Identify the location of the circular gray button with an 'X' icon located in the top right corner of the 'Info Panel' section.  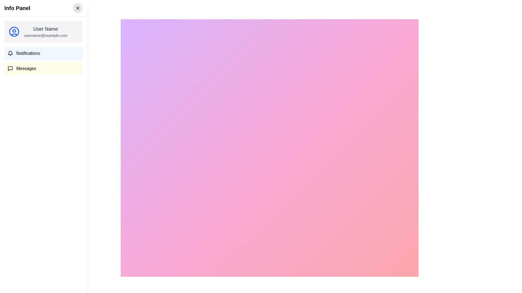
(77, 8).